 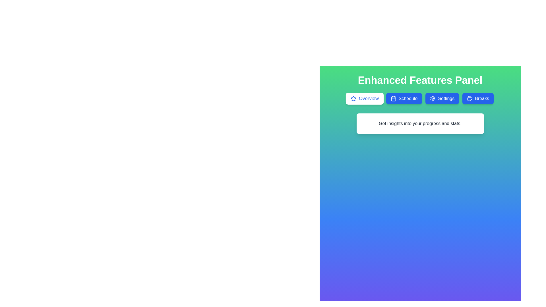 What do you see at coordinates (365, 98) in the screenshot?
I see `the 'Overview' button using keyboard navigation` at bounding box center [365, 98].